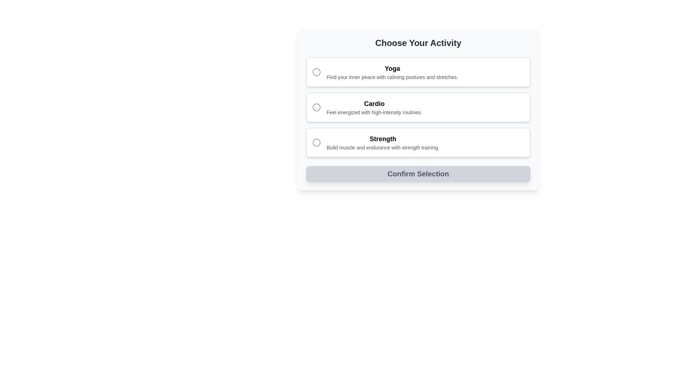  Describe the element at coordinates (382, 139) in the screenshot. I see `the bold text label reading 'Strength' which is the primary heading in the third item of a vertical list structure` at that location.